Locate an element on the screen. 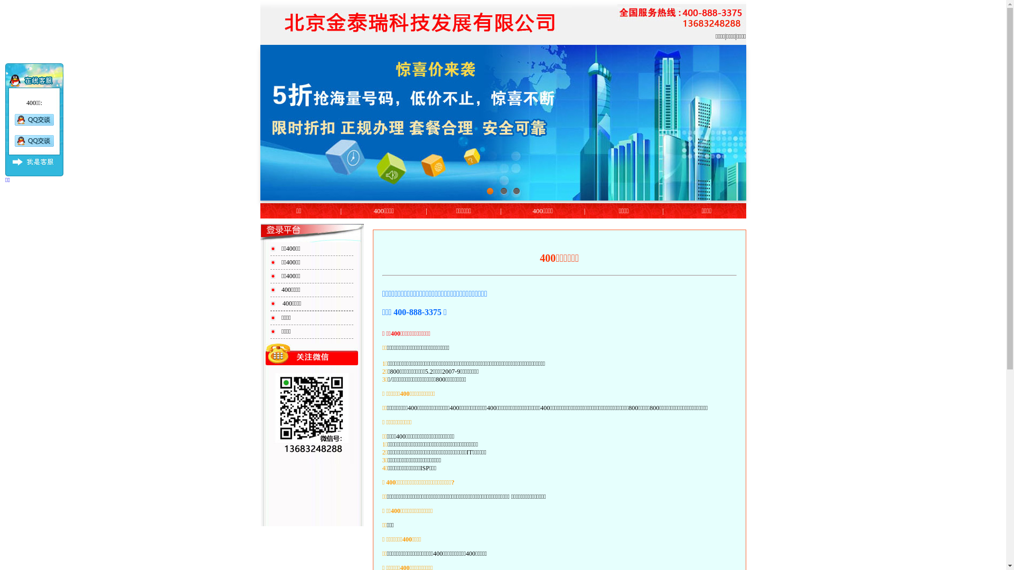 Image resolution: width=1014 pixels, height=570 pixels. '3' is located at coordinates (512, 191).